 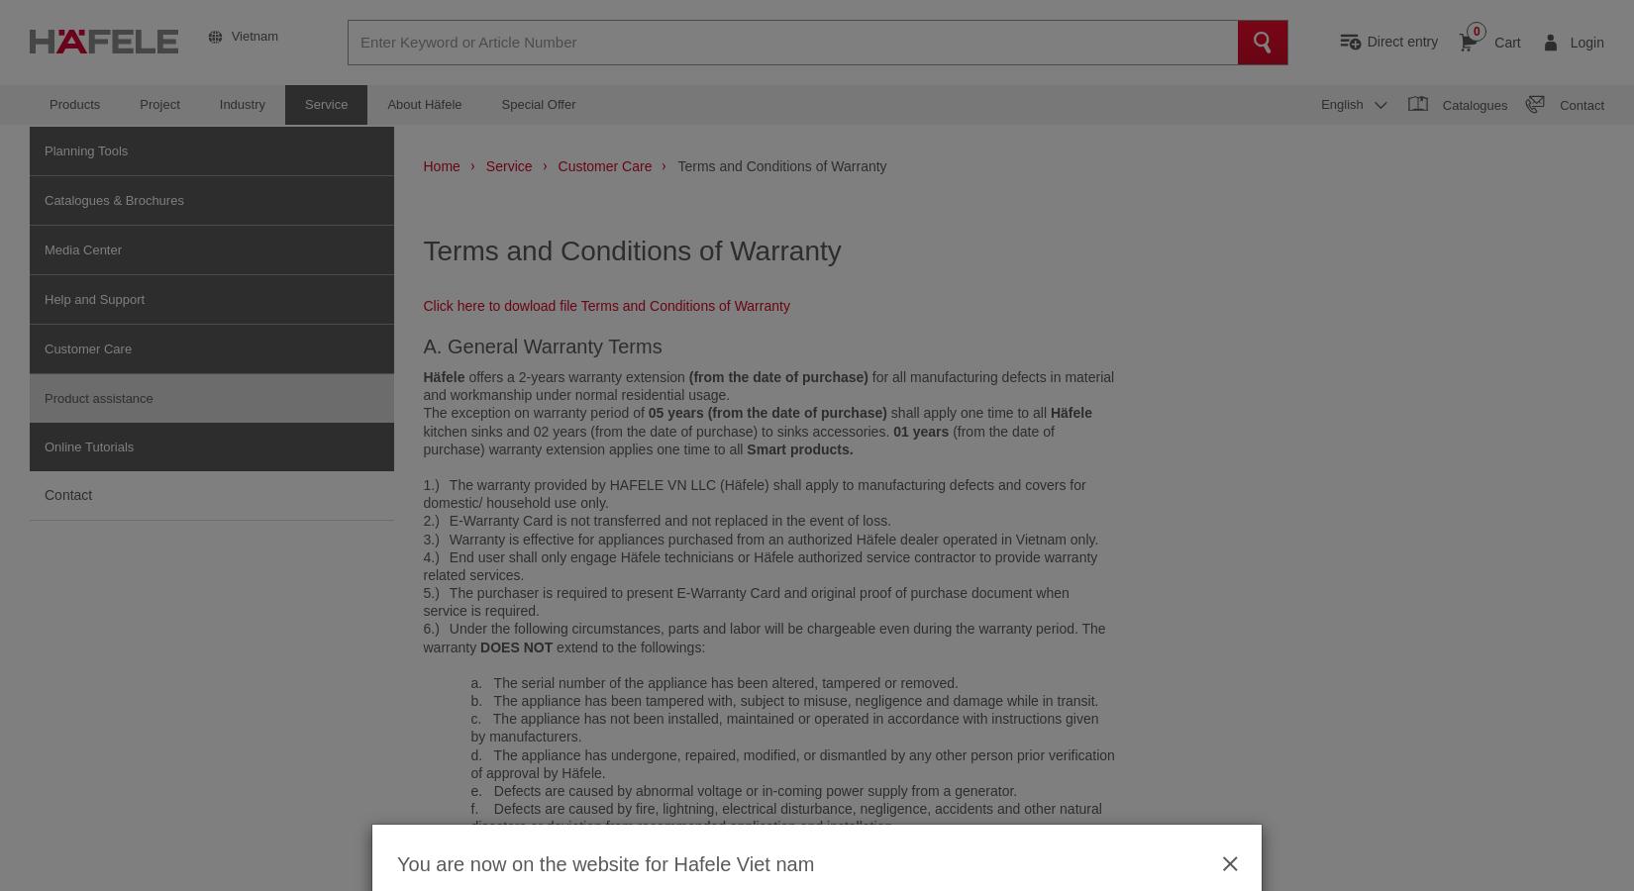 What do you see at coordinates (968, 412) in the screenshot?
I see `'shall apply one time to all'` at bounding box center [968, 412].